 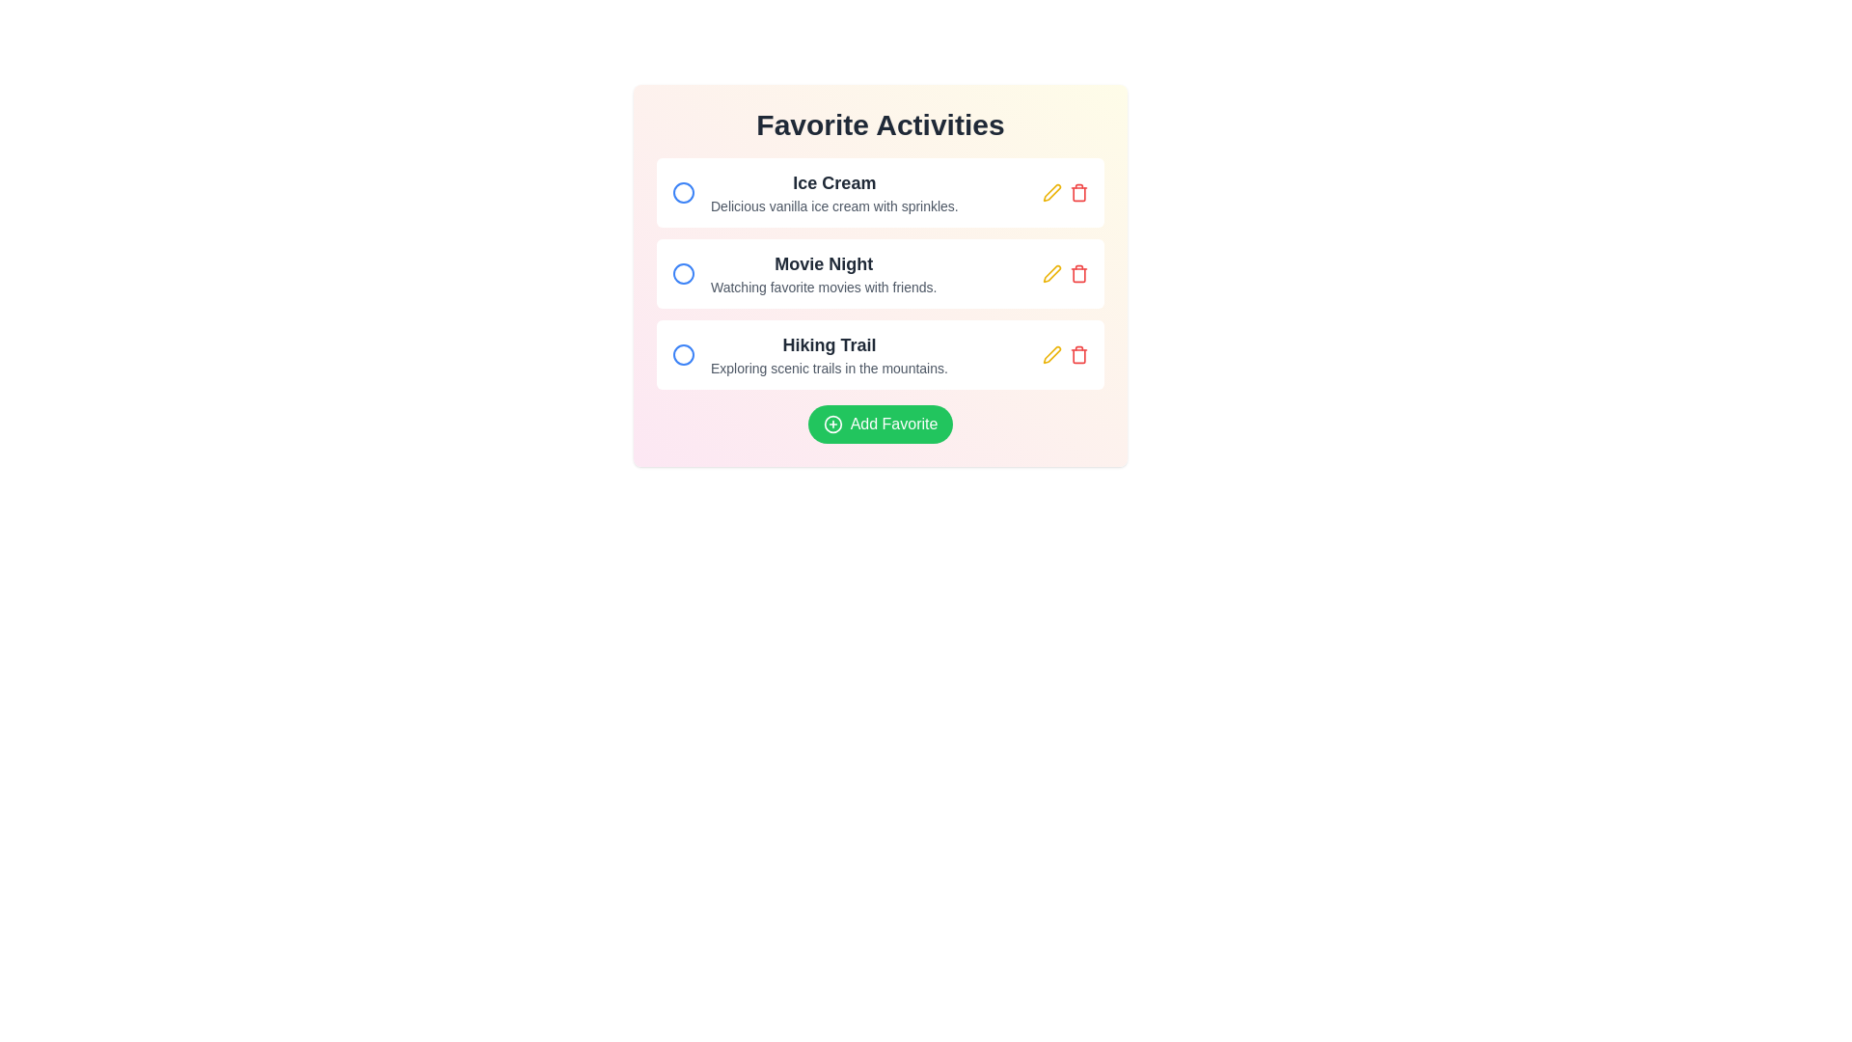 What do you see at coordinates (684, 354) in the screenshot?
I see `the SVG Circle emblem for the 'Hiking Trail' item in the 'Favorite Activities' list` at bounding box center [684, 354].